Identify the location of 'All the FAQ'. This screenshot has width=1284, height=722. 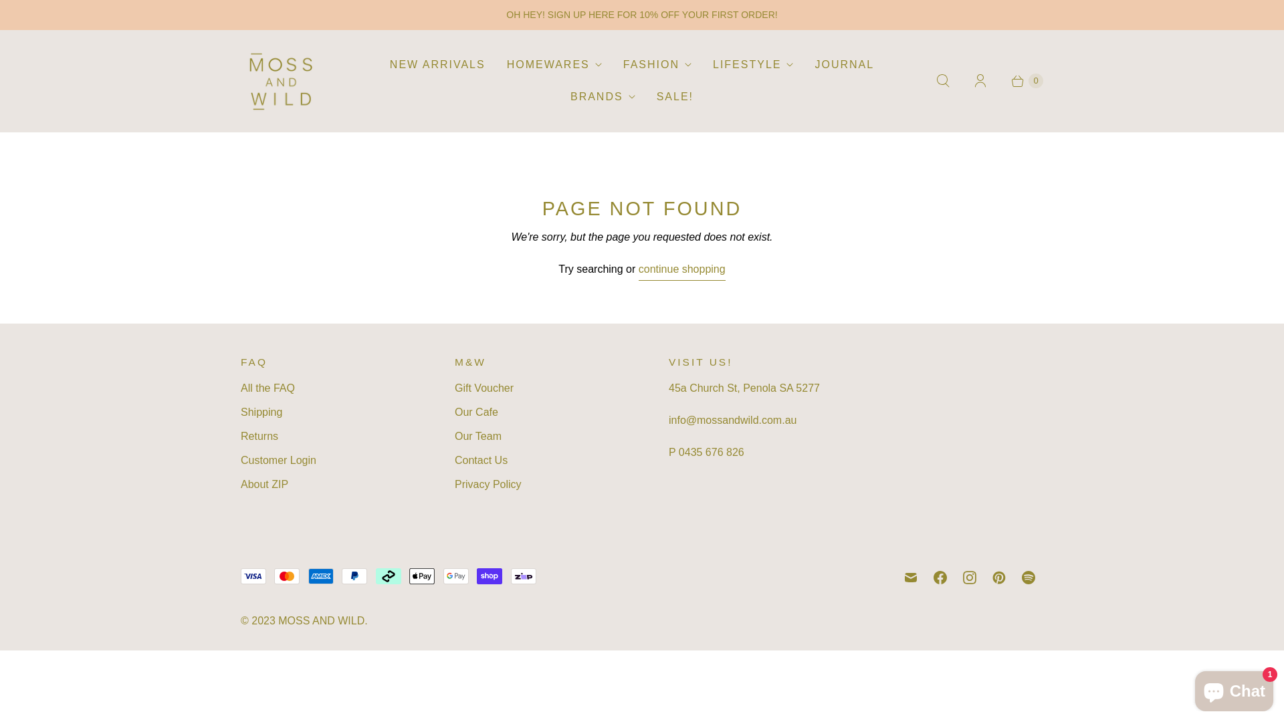
(241, 388).